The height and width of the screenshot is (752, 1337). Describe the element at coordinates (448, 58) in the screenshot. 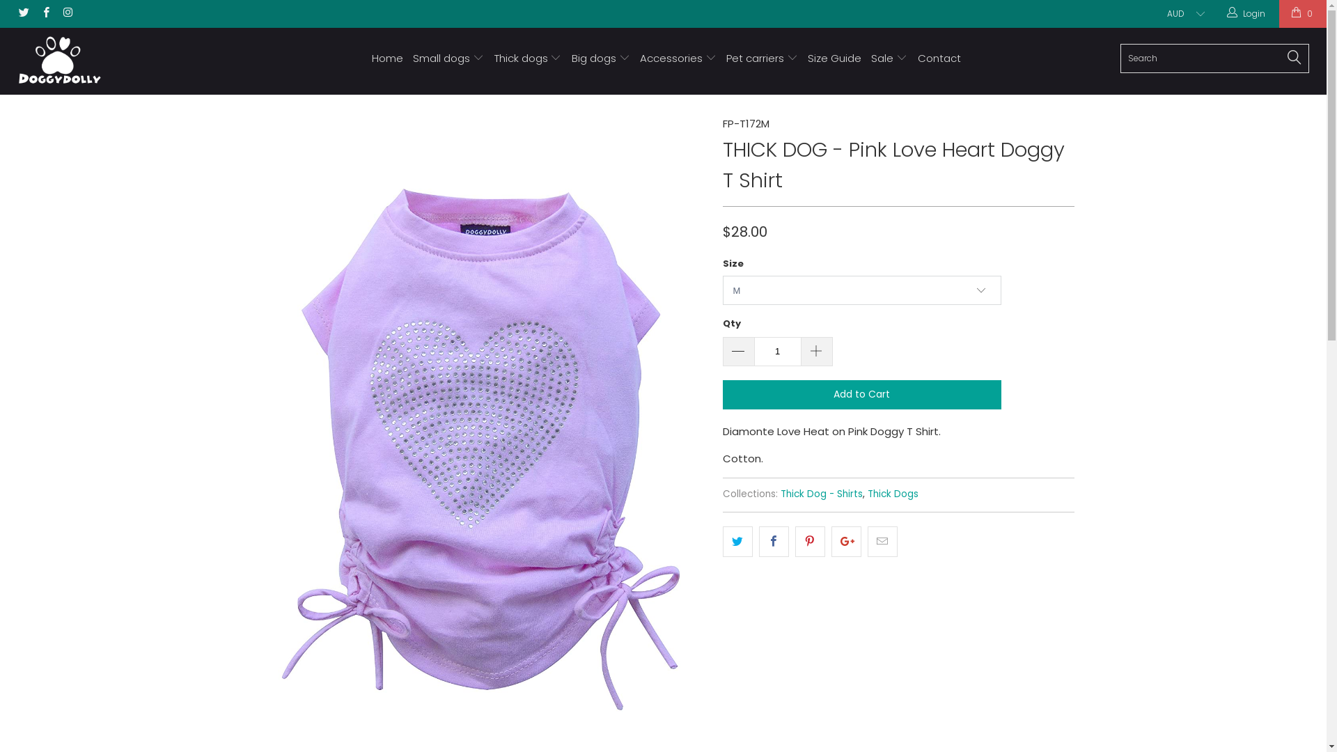

I see `'Small dogs'` at that location.